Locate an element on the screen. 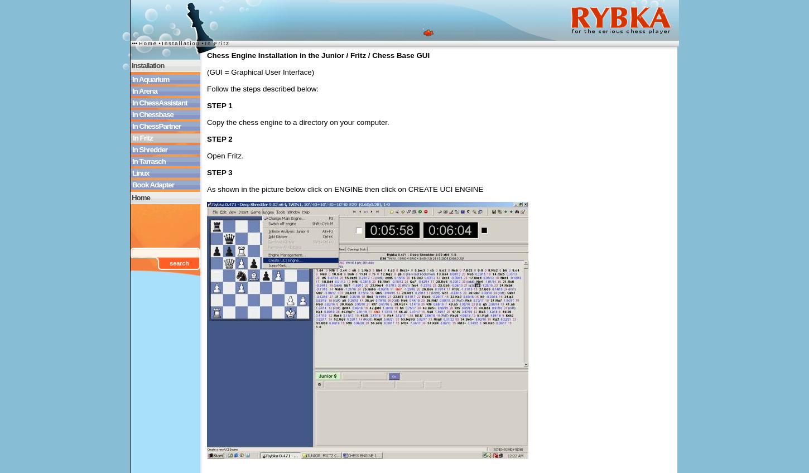  'STEP 3' is located at coordinates (218, 172).